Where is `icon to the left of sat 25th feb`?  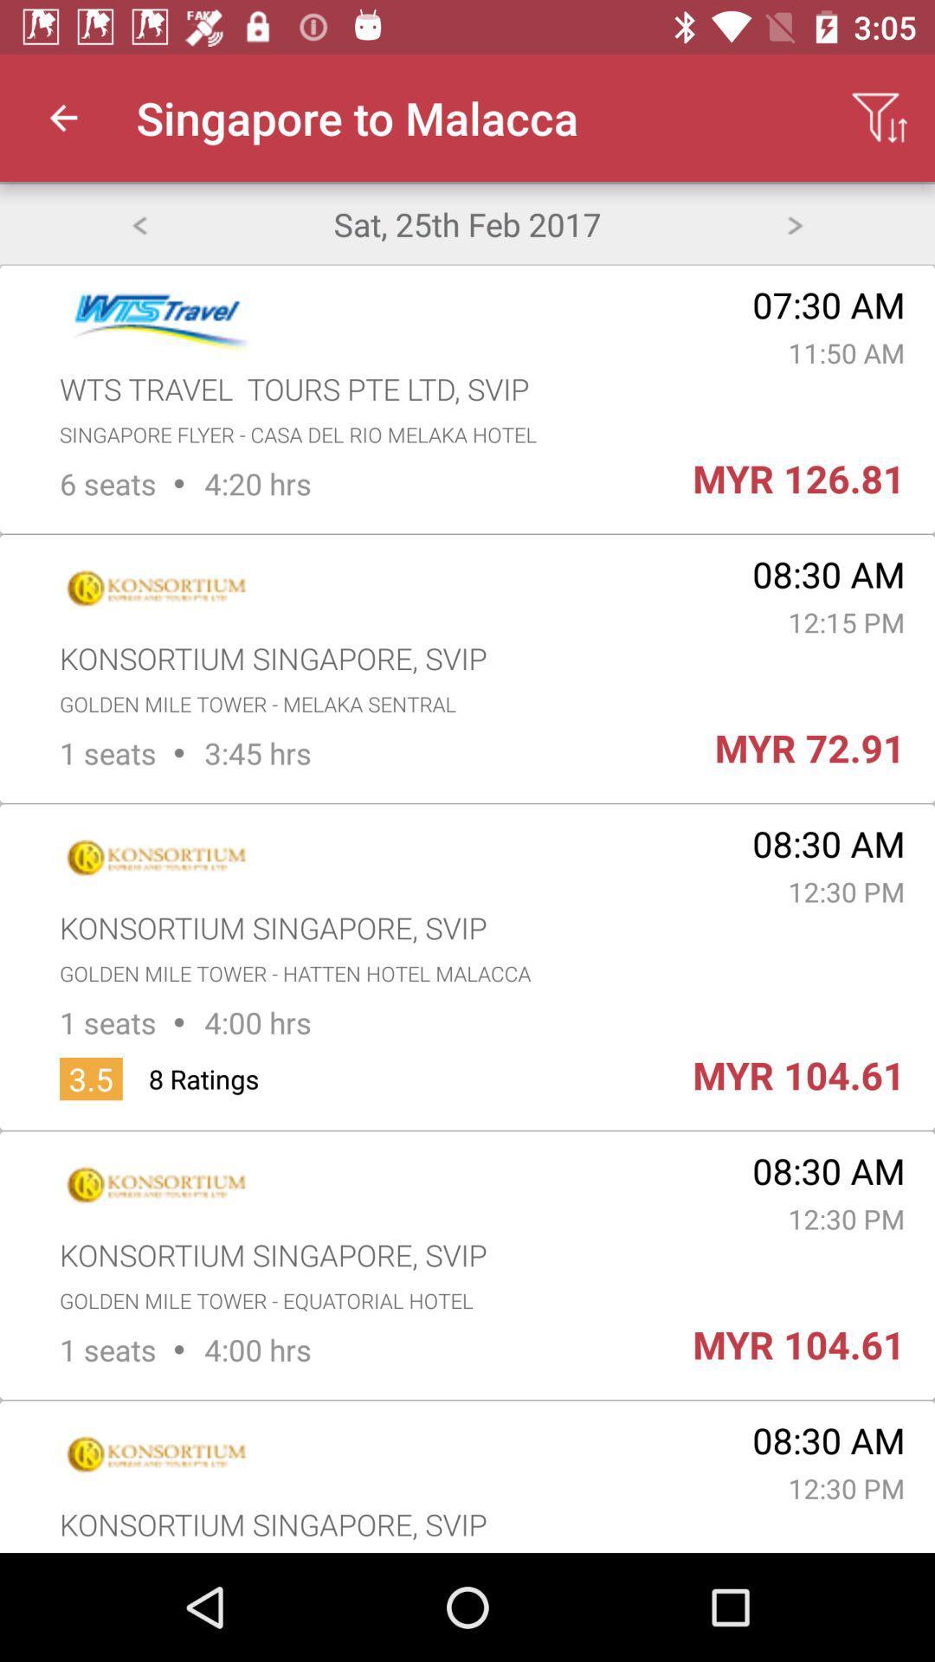
icon to the left of sat 25th feb is located at coordinates (138, 222).